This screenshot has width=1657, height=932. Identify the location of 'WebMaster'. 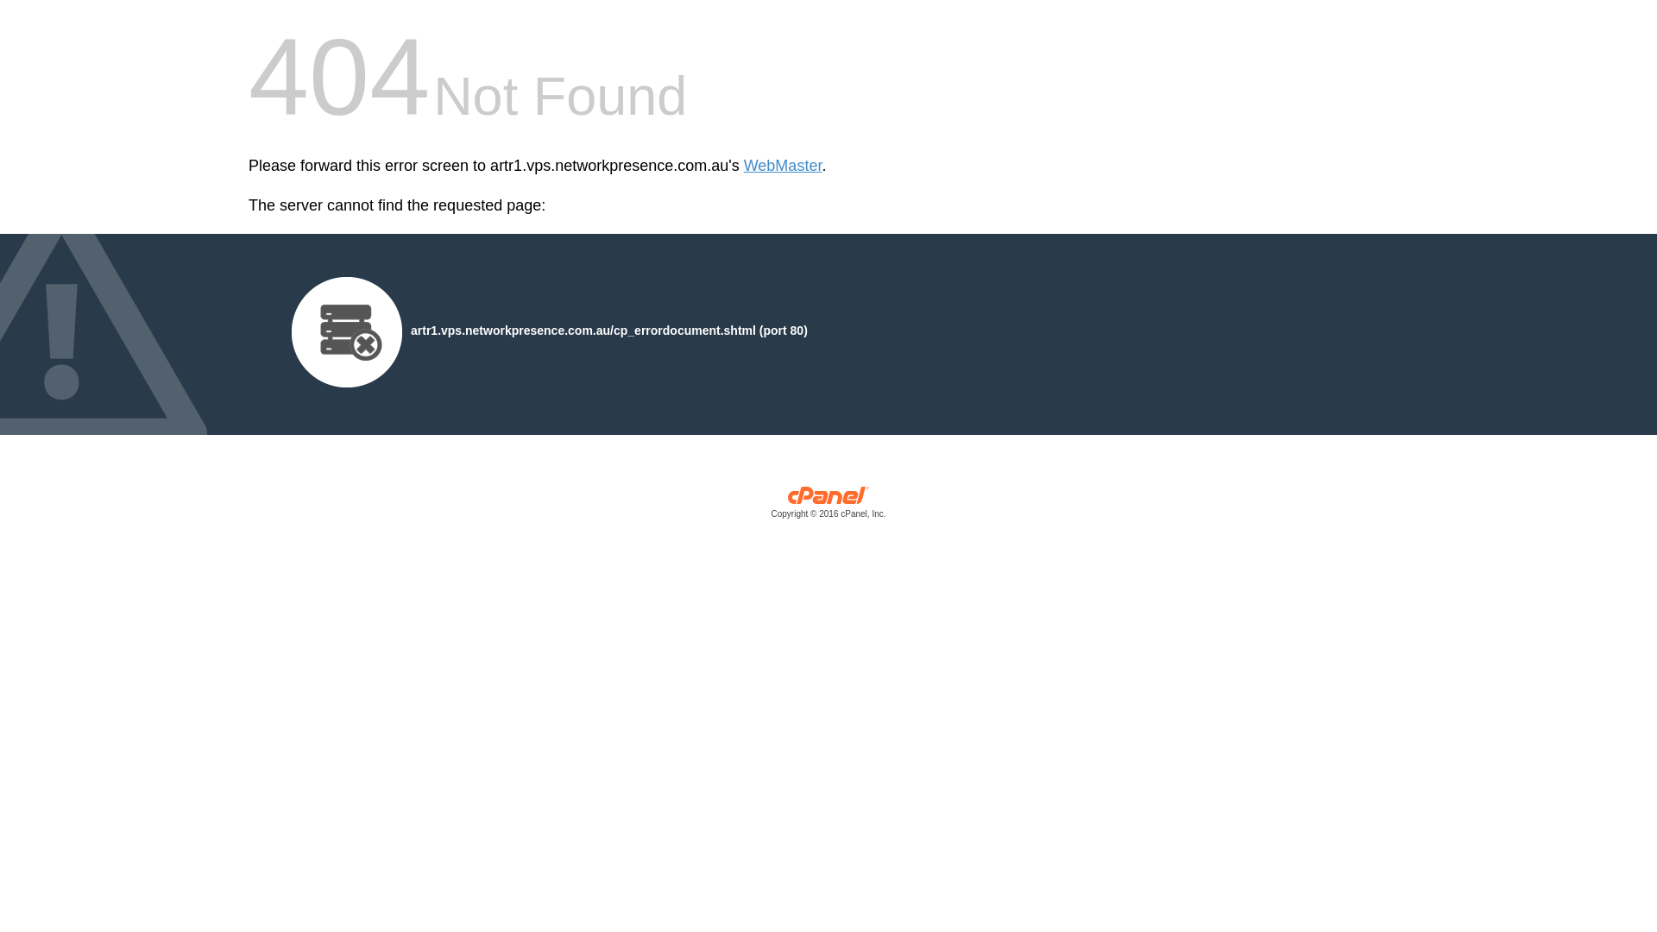
(782, 166).